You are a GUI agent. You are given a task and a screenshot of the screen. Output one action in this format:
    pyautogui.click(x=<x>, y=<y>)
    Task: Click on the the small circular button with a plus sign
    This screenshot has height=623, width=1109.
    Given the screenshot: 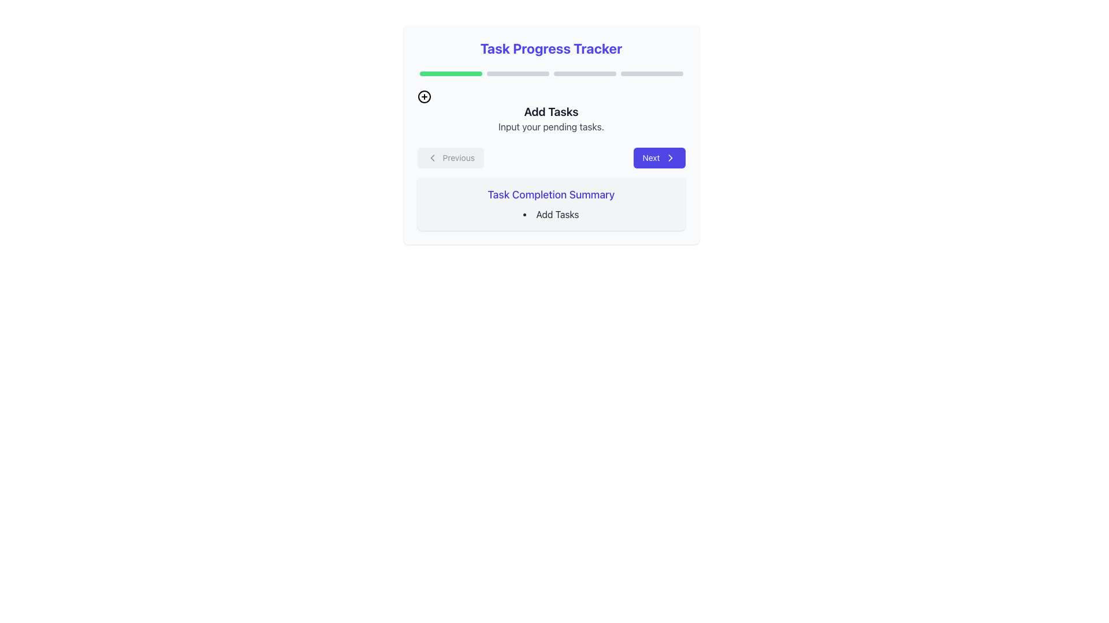 What is the action you would take?
    pyautogui.click(x=423, y=96)
    